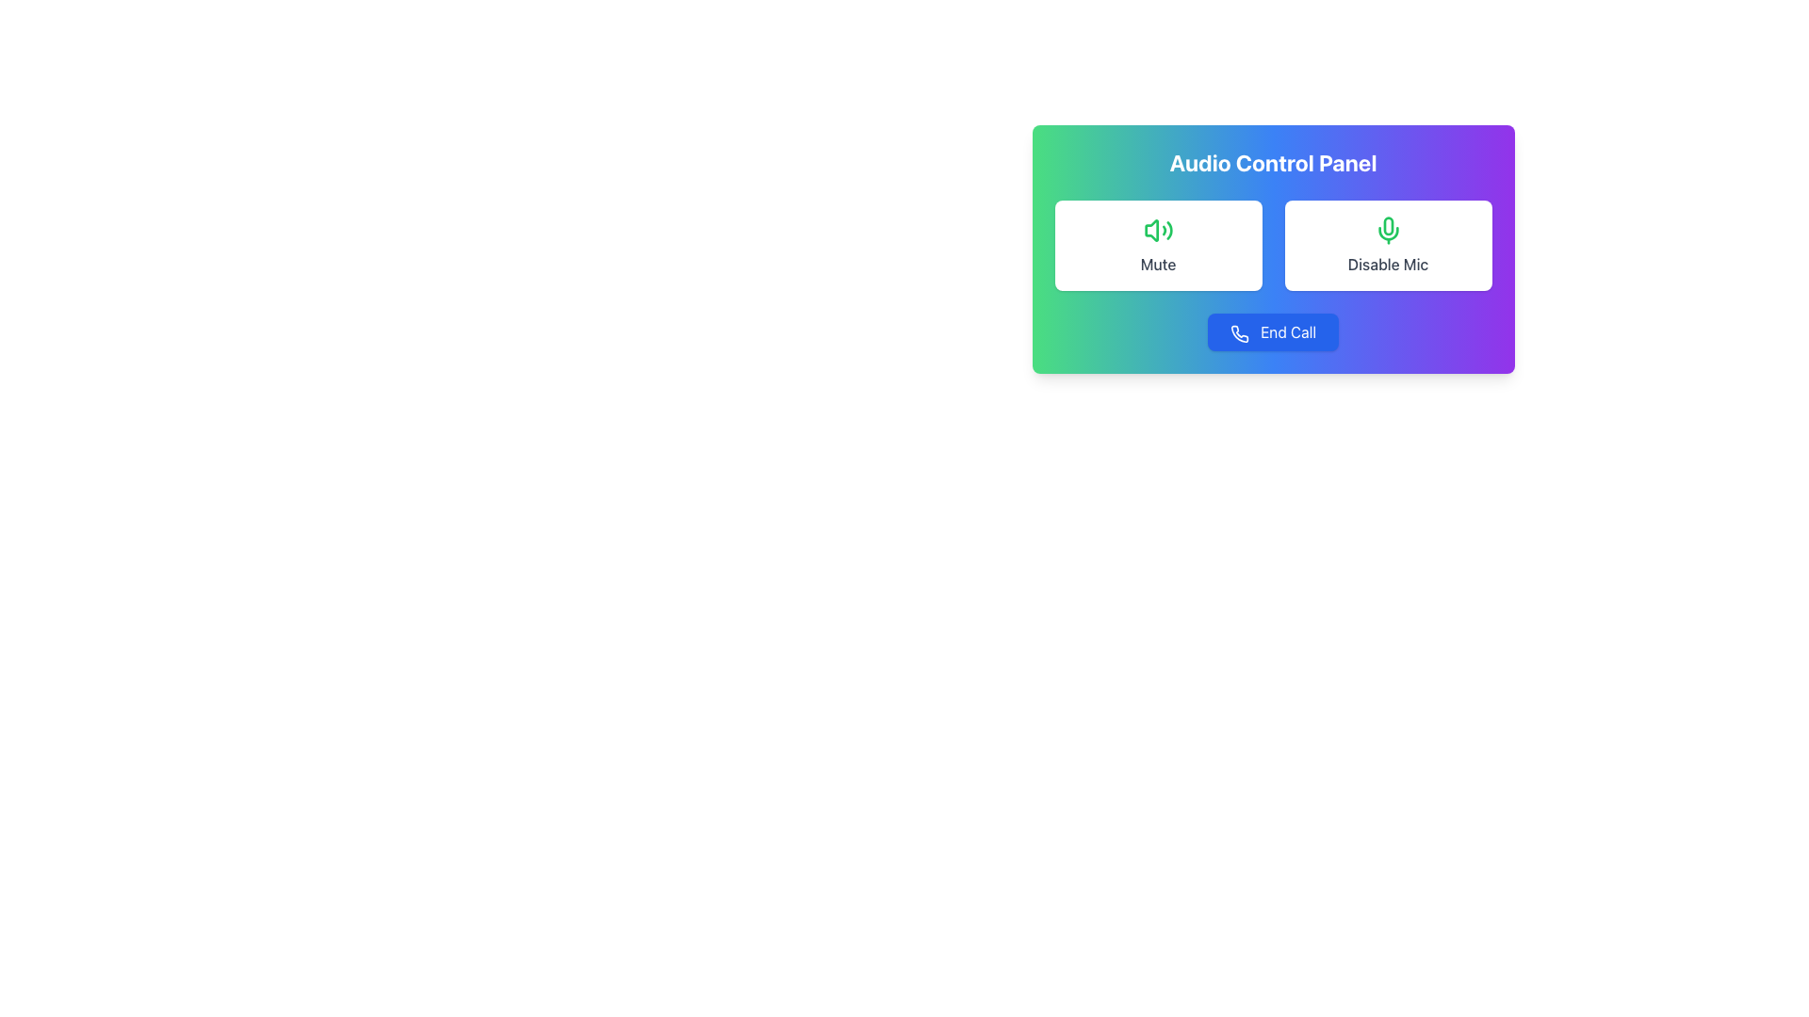  What do you see at coordinates (1388, 265) in the screenshot?
I see `the text label 'Disable Mic', which is styled in medium weight gray font and located below a microphone icon in the 'Audio Control Panel'` at bounding box center [1388, 265].